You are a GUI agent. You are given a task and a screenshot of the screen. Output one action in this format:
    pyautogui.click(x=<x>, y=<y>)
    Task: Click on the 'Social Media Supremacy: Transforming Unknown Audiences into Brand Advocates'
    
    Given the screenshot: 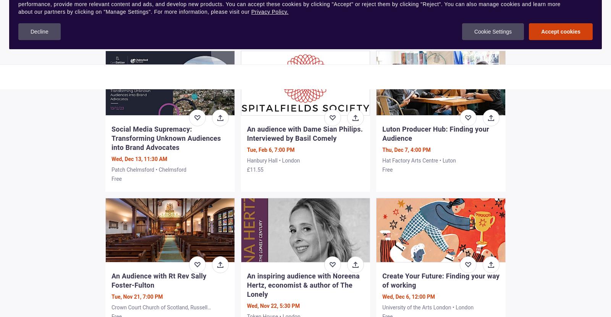 What is the action you would take?
    pyautogui.click(x=166, y=137)
    